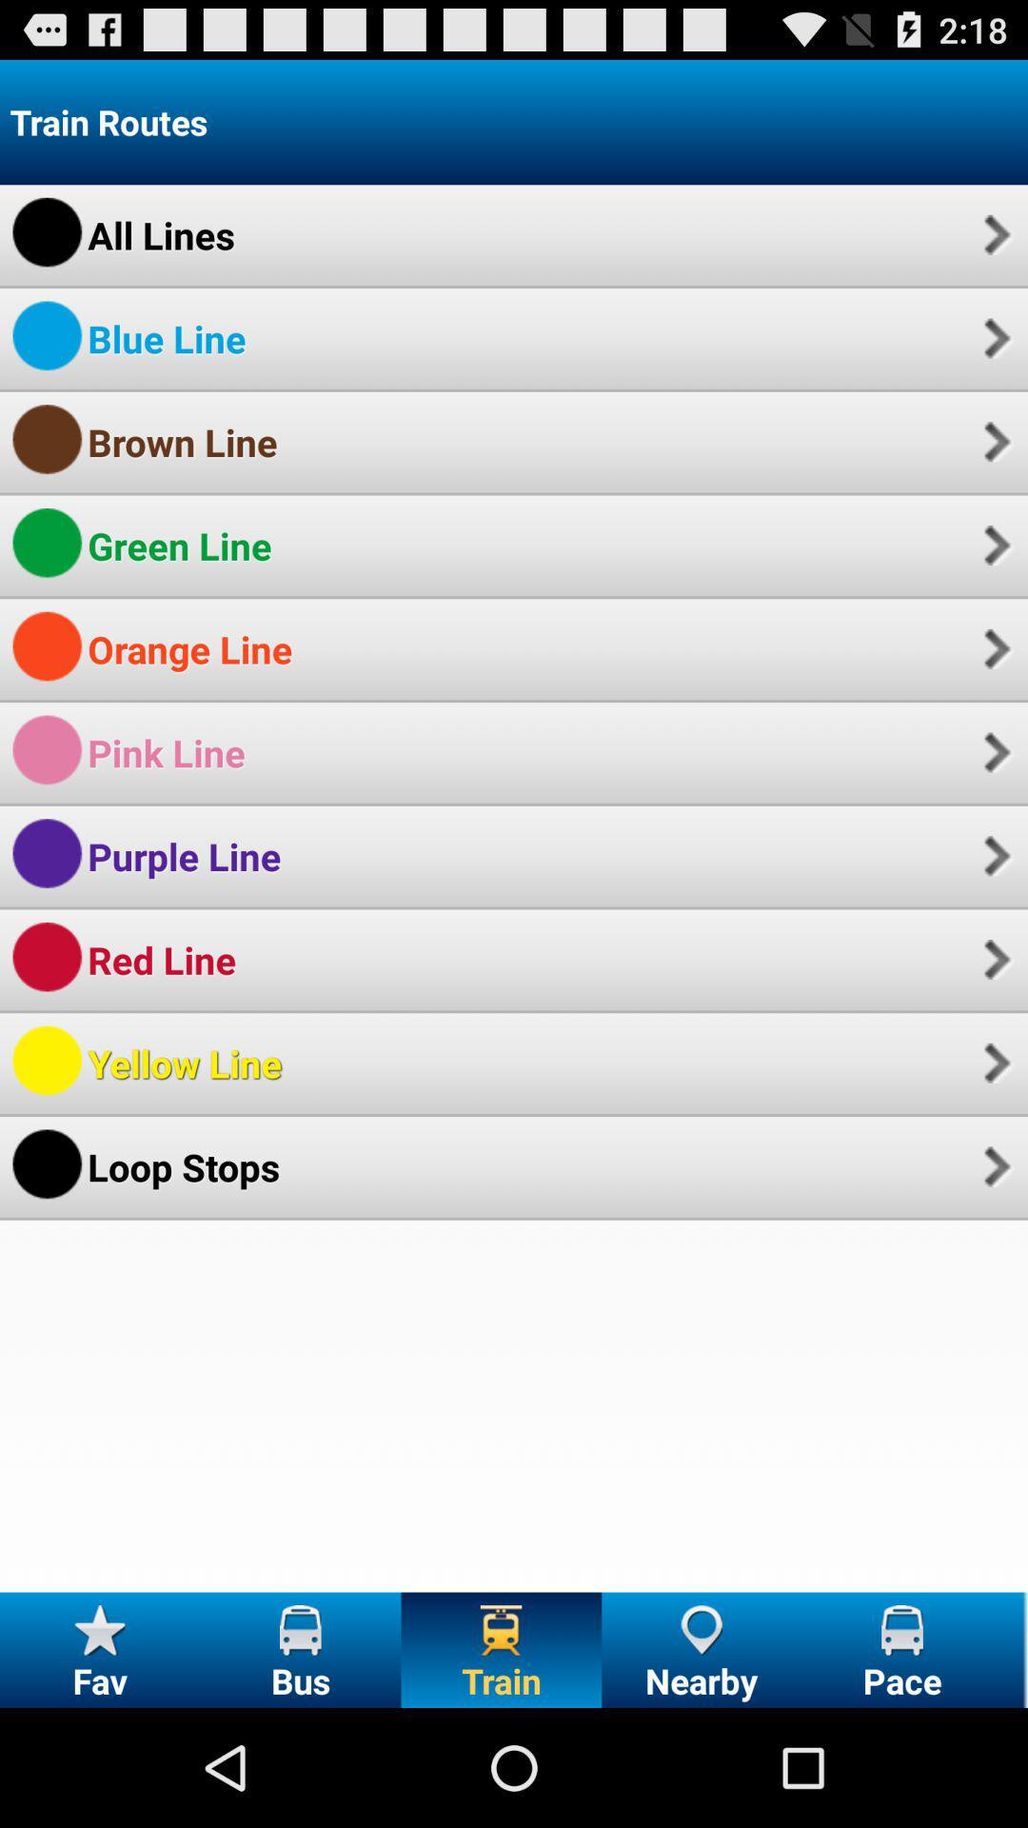 Image resolution: width=1028 pixels, height=1828 pixels. What do you see at coordinates (994, 544) in the screenshot?
I see `app next to the green line` at bounding box center [994, 544].